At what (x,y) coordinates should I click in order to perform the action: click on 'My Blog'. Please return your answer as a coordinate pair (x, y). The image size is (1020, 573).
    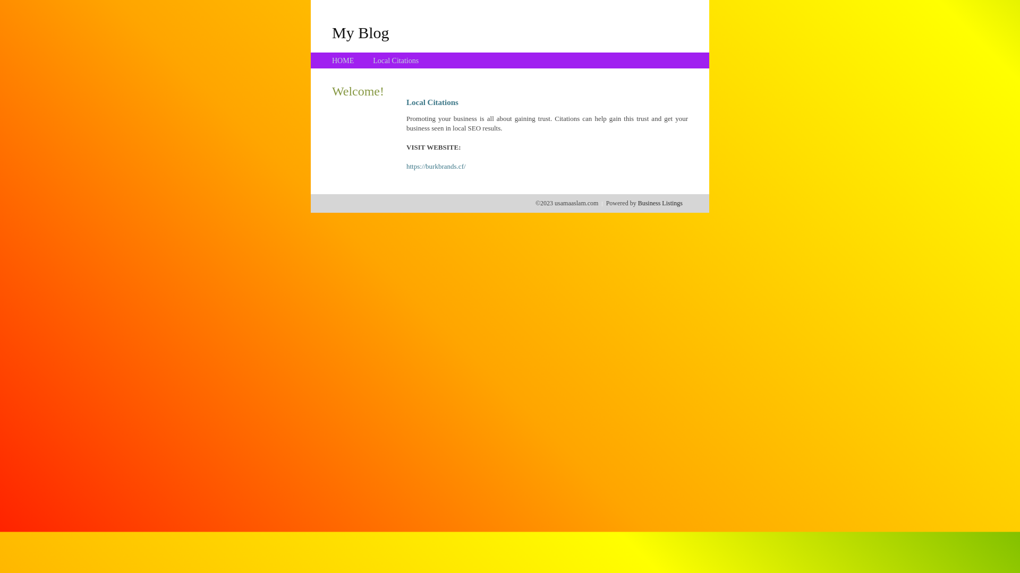
    Looking at the image, I should click on (360, 32).